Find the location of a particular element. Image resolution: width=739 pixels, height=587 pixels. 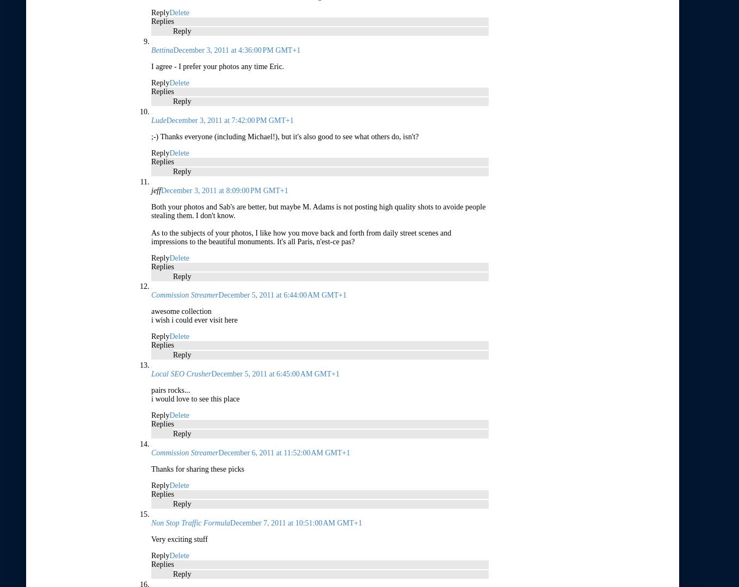

'December 6, 2011 at 11:52:00 AM GMT+1' is located at coordinates (284, 452).